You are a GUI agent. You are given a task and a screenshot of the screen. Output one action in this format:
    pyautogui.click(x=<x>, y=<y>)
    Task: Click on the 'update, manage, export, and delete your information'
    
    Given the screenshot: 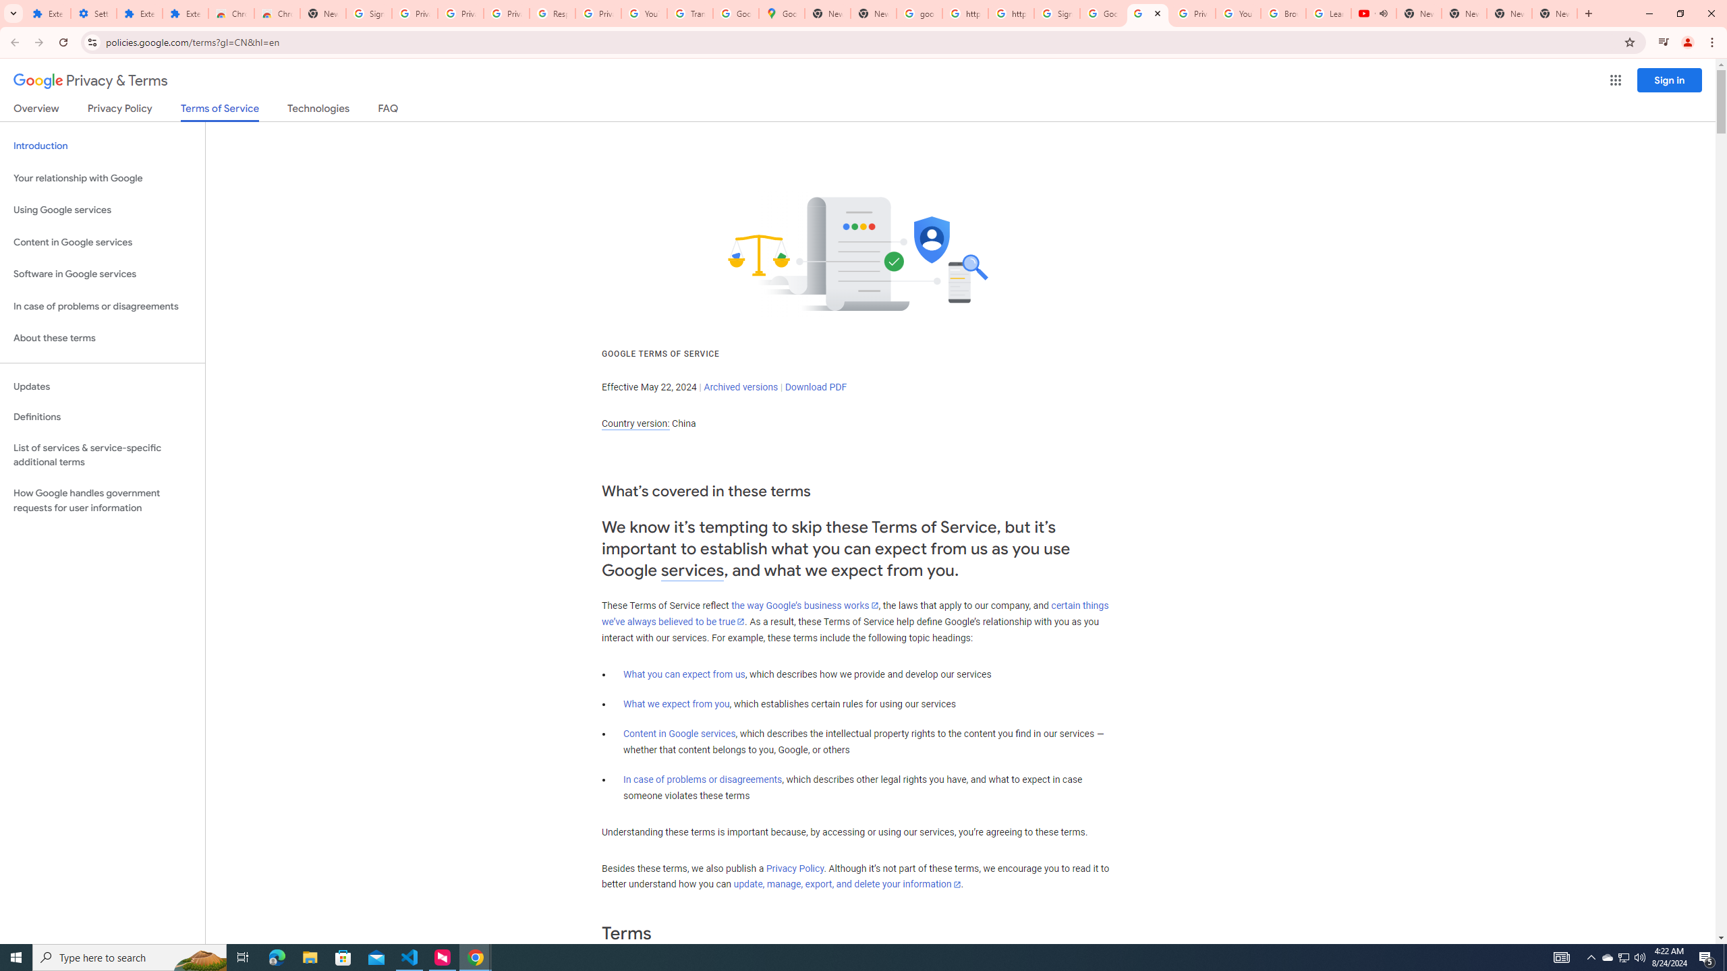 What is the action you would take?
    pyautogui.click(x=847, y=883)
    